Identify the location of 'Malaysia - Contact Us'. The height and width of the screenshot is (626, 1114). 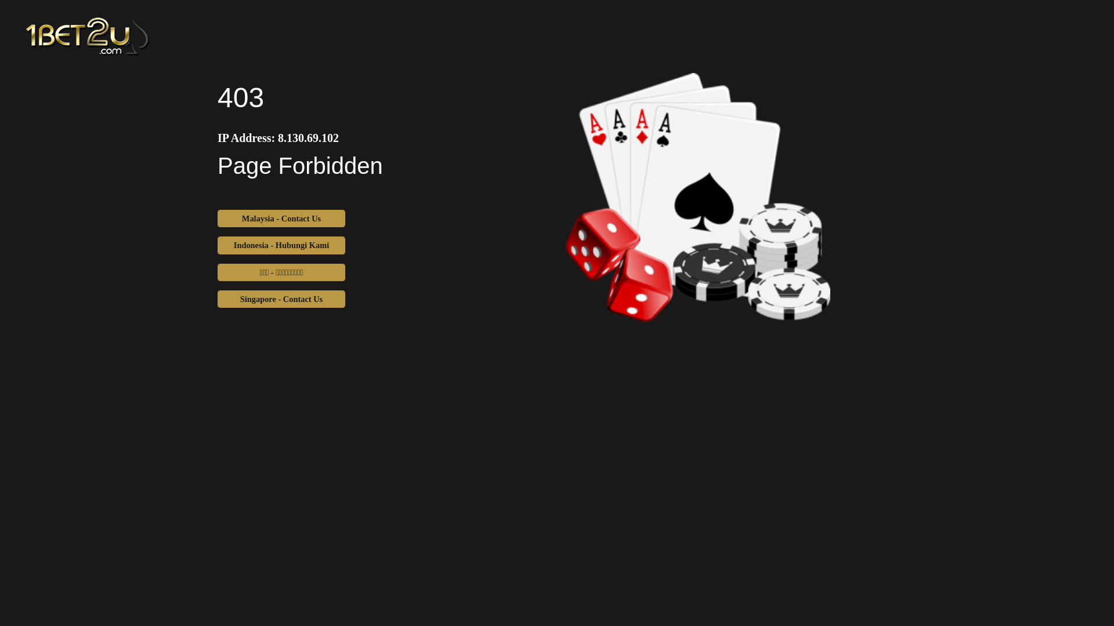
(217, 219).